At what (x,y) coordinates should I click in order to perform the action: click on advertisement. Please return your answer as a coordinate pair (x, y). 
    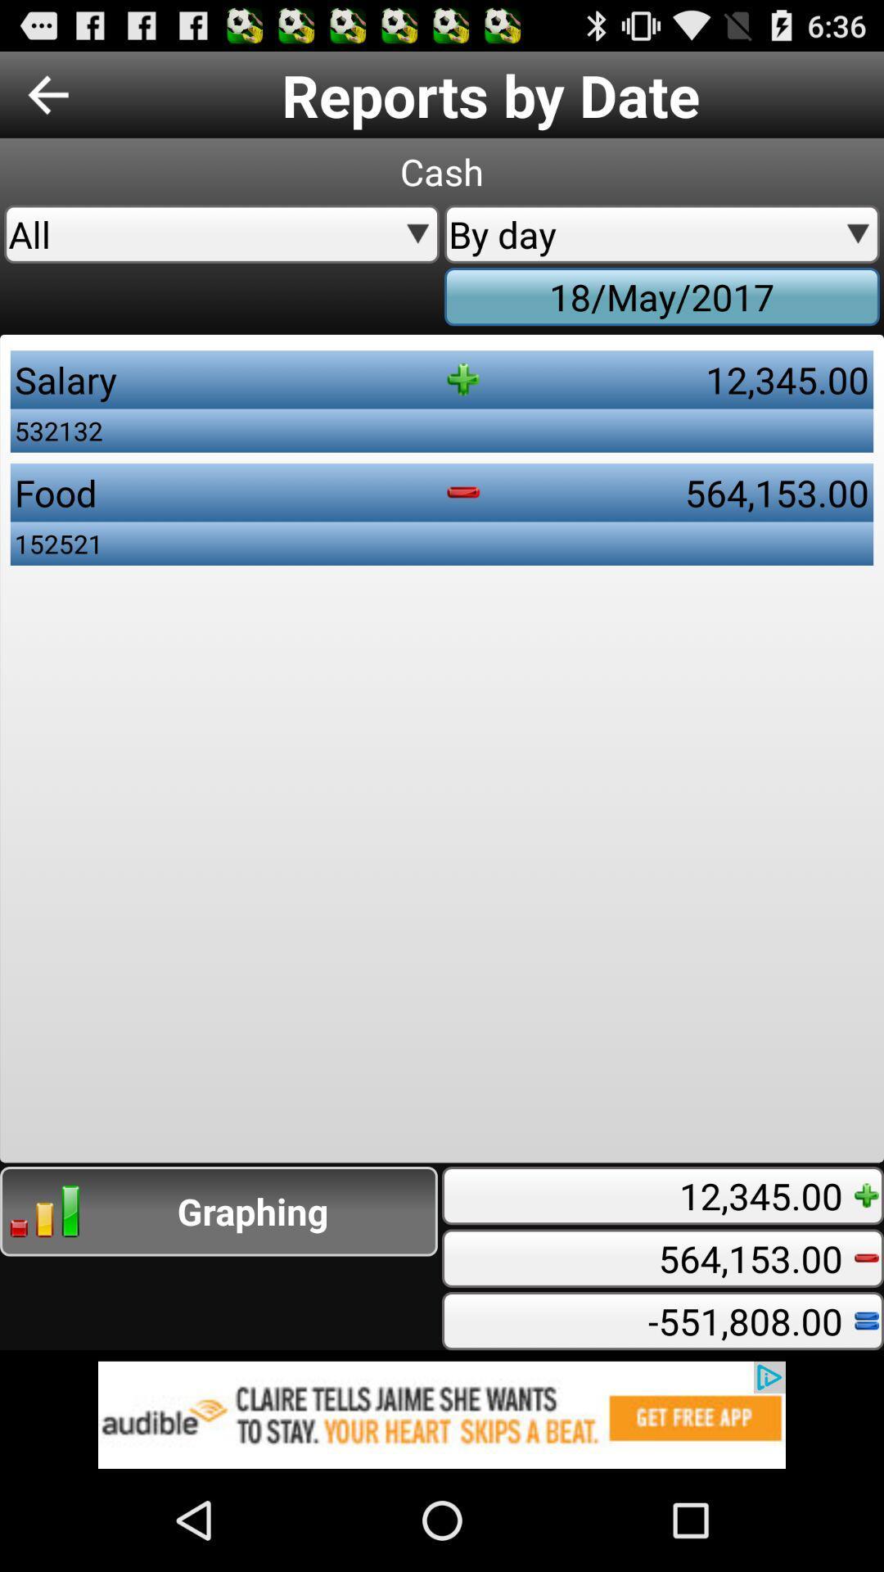
    Looking at the image, I should click on (442, 1414).